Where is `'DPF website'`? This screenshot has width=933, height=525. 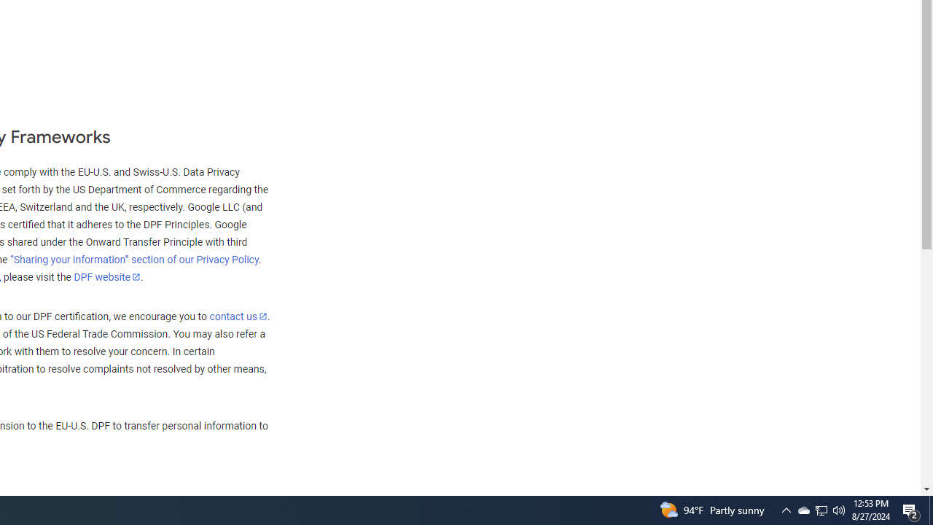 'DPF website' is located at coordinates (106, 276).